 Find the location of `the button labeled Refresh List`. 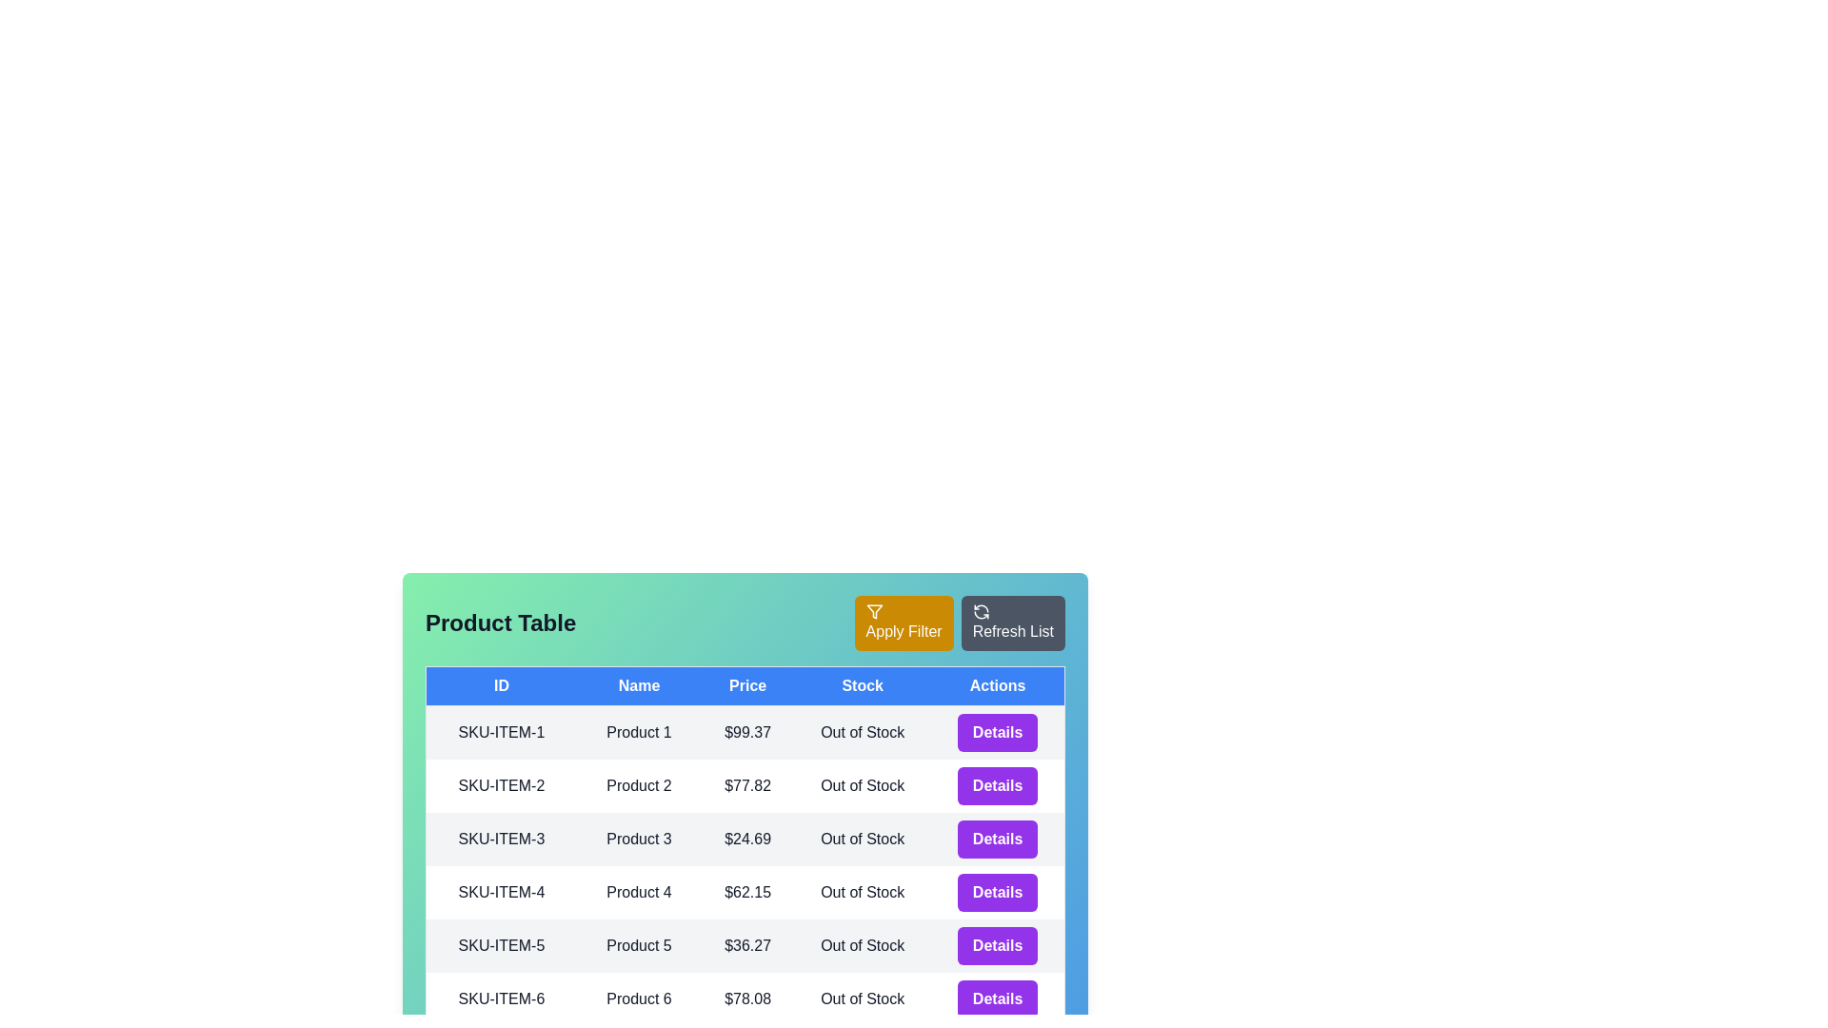

the button labeled Refresh List is located at coordinates (1012, 623).